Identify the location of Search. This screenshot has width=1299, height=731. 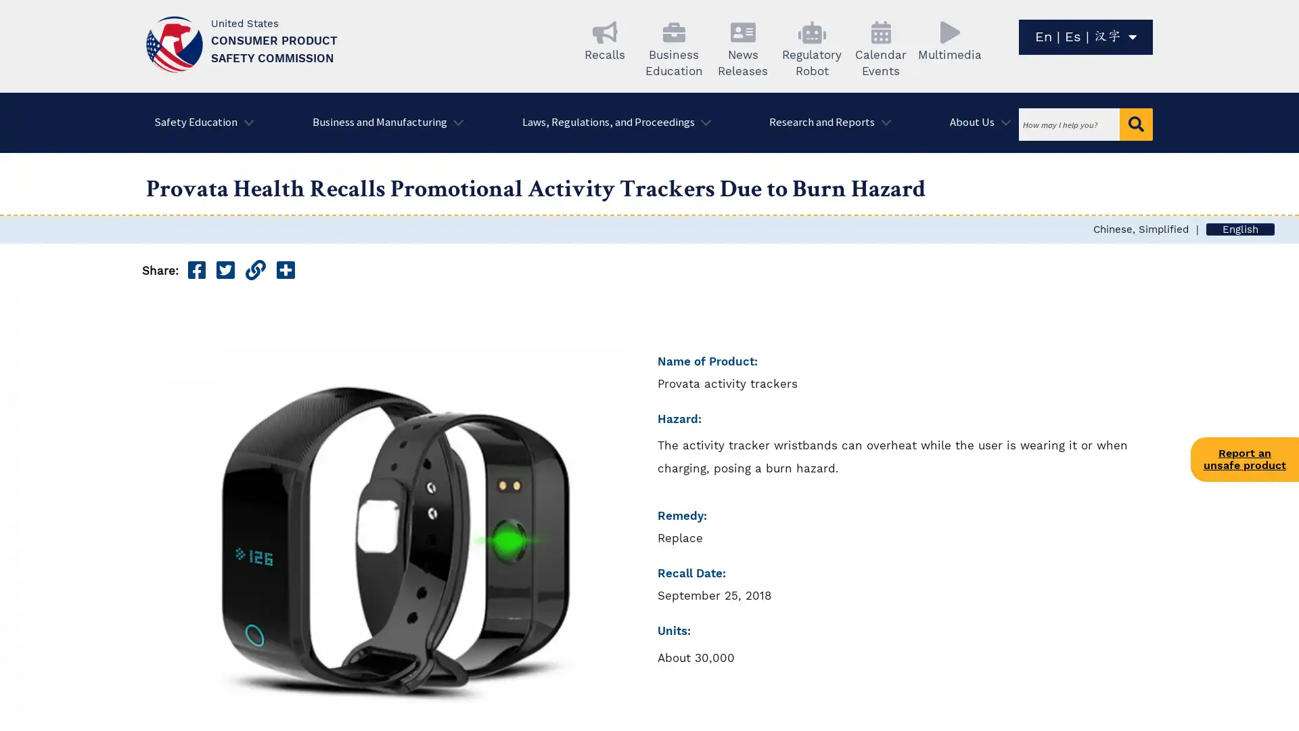
(1136, 125).